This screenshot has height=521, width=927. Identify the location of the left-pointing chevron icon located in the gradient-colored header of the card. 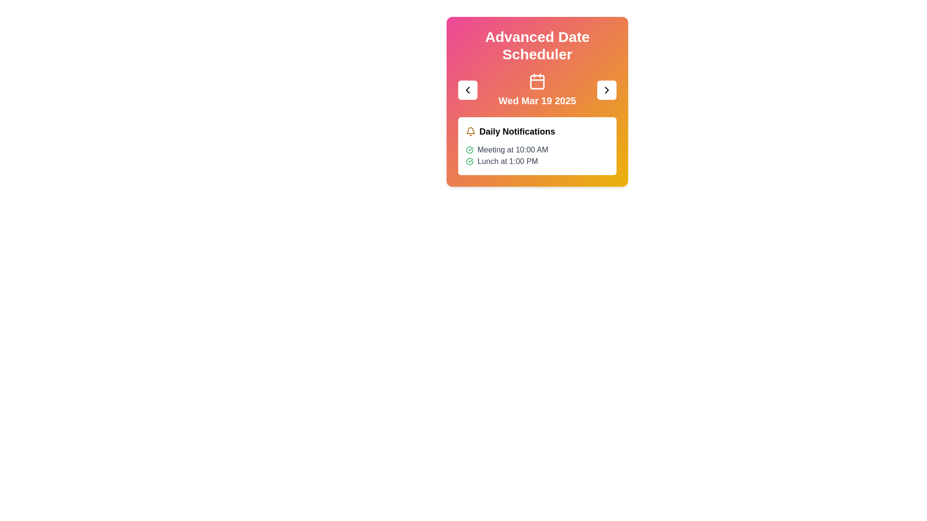
(468, 90).